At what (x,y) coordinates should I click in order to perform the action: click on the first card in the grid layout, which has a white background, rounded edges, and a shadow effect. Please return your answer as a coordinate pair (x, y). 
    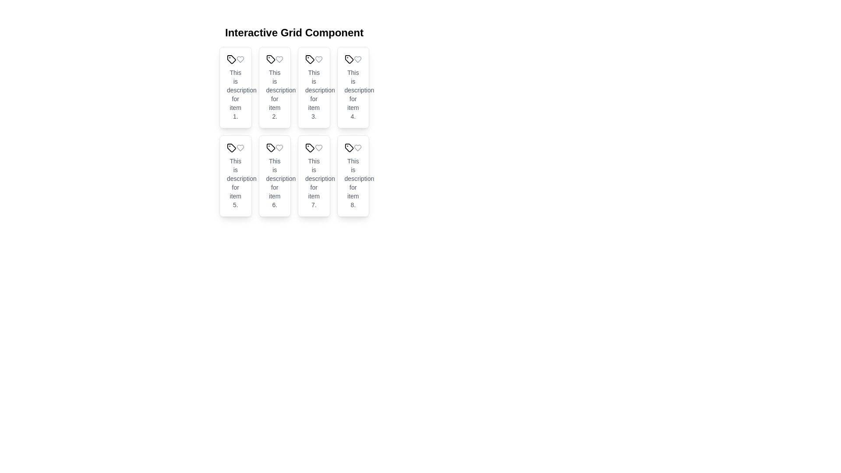
    Looking at the image, I should click on (235, 88).